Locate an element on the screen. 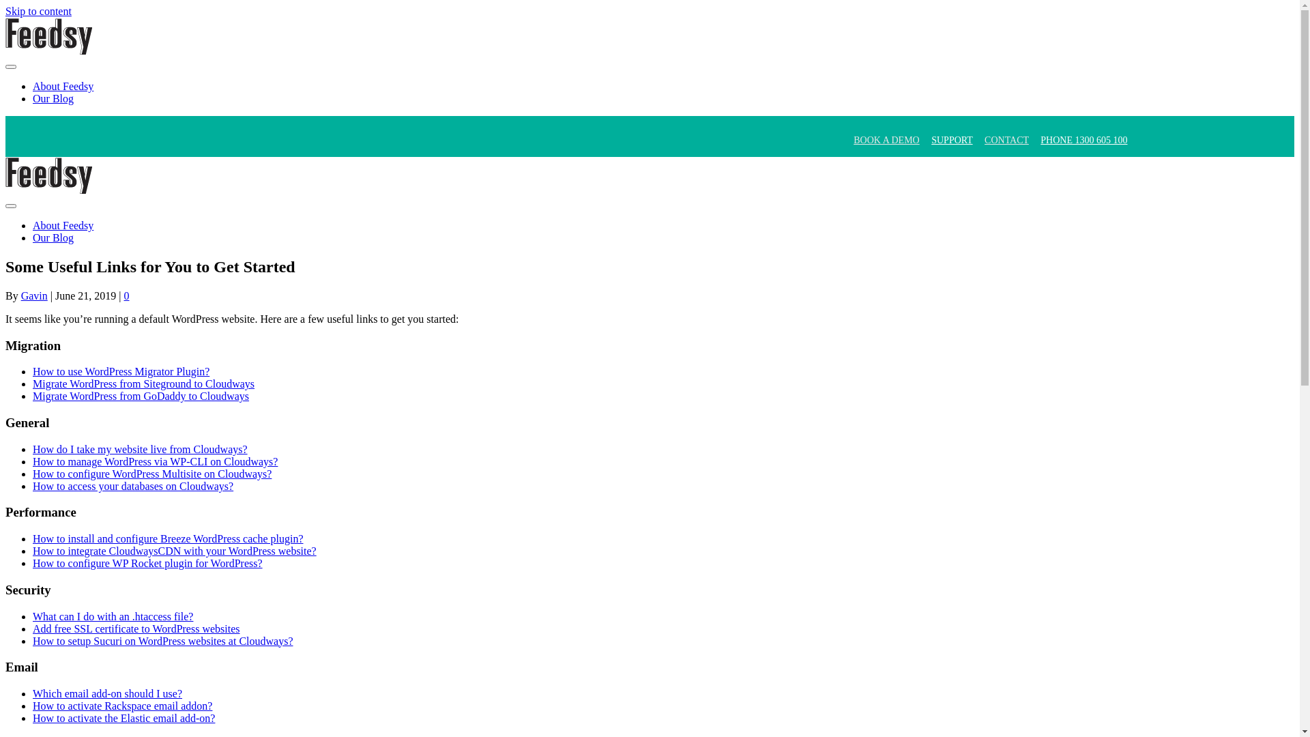  'Migrate WordPress from GoDaddy to Cloudways' is located at coordinates (141, 396).